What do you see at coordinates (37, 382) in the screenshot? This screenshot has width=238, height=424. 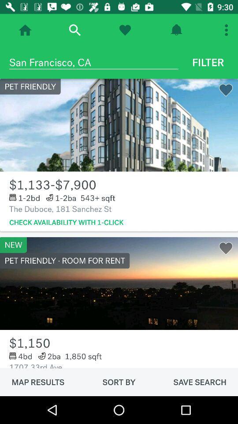 I see `the icon next to the sort by` at bounding box center [37, 382].